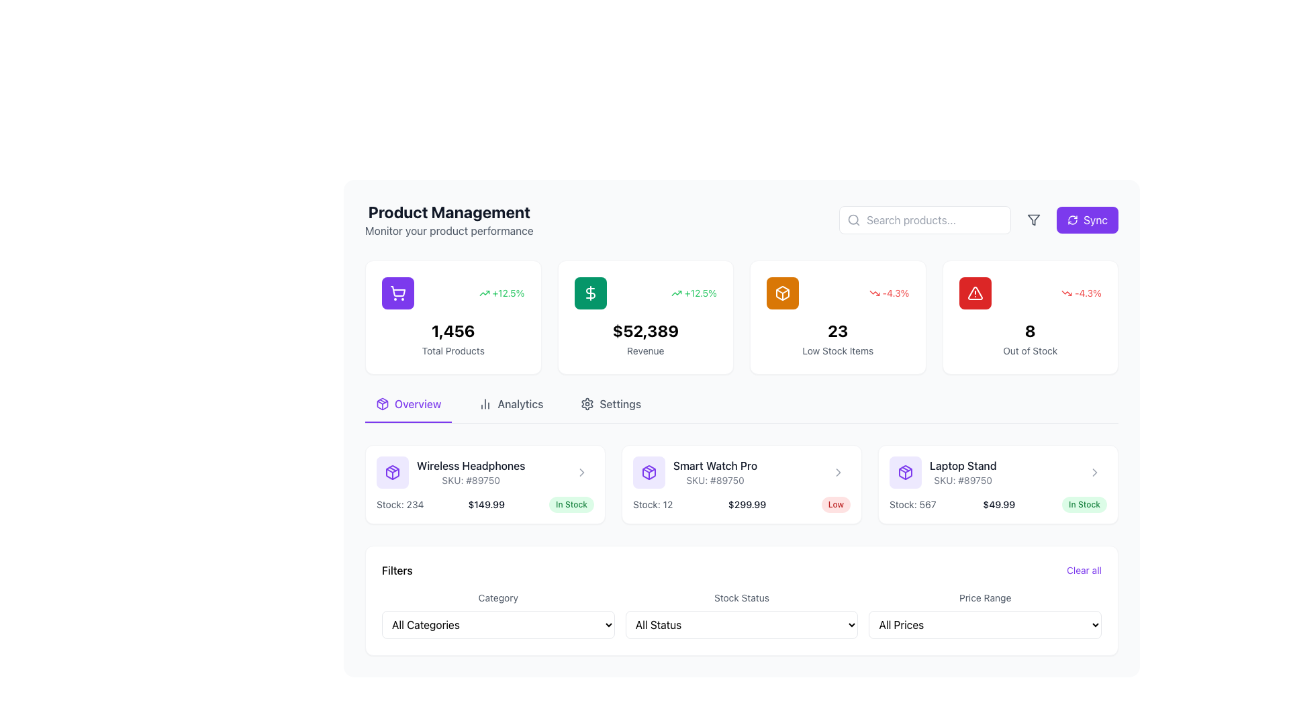 The image size is (1289, 725). I want to click on the rightward-pointing chevron icon button located at the top-right corner of the 'Wireless Headphones SKU: #89750' product card, so click(582, 472).